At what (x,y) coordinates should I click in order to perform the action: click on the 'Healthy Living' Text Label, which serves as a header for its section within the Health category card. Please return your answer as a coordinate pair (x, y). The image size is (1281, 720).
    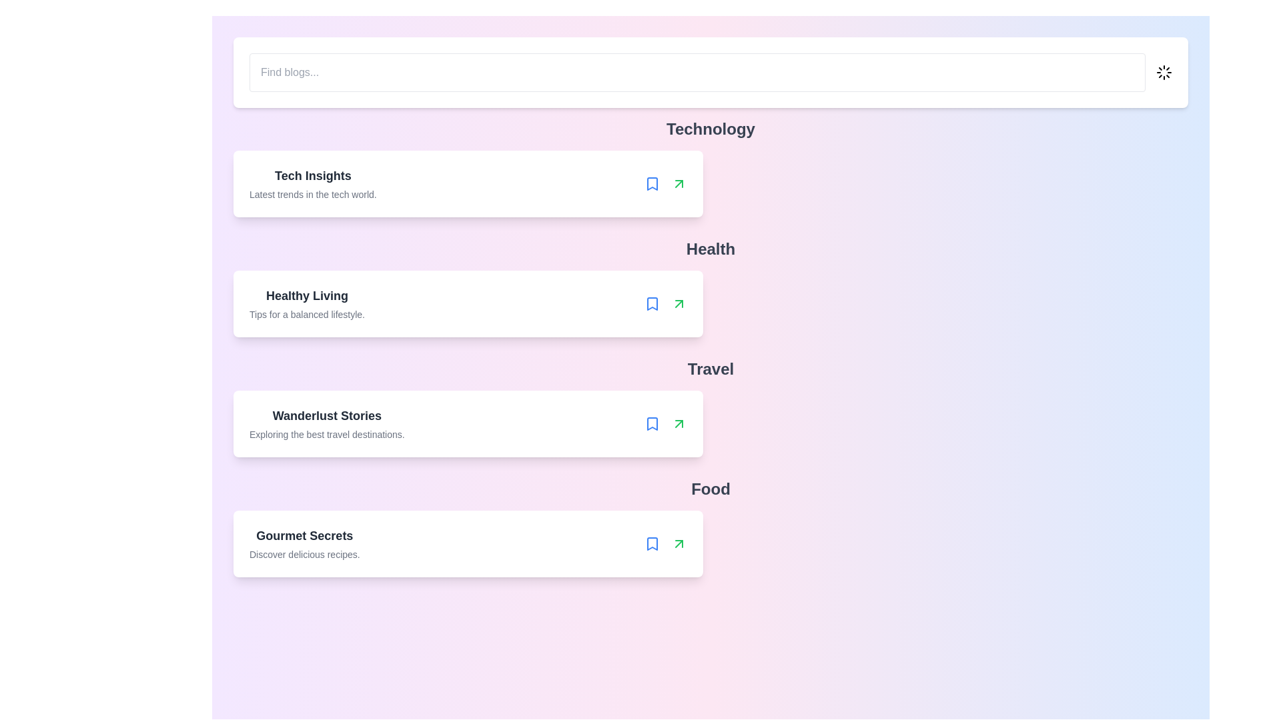
    Looking at the image, I should click on (306, 295).